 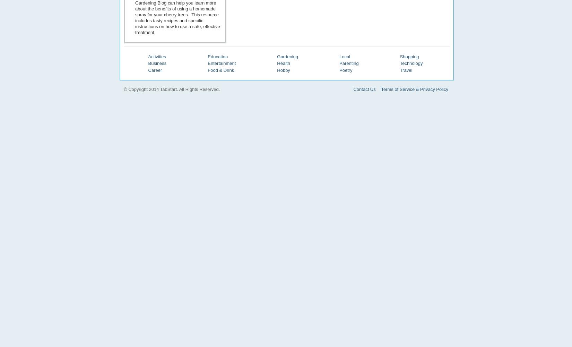 What do you see at coordinates (411, 63) in the screenshot?
I see `'Technology'` at bounding box center [411, 63].